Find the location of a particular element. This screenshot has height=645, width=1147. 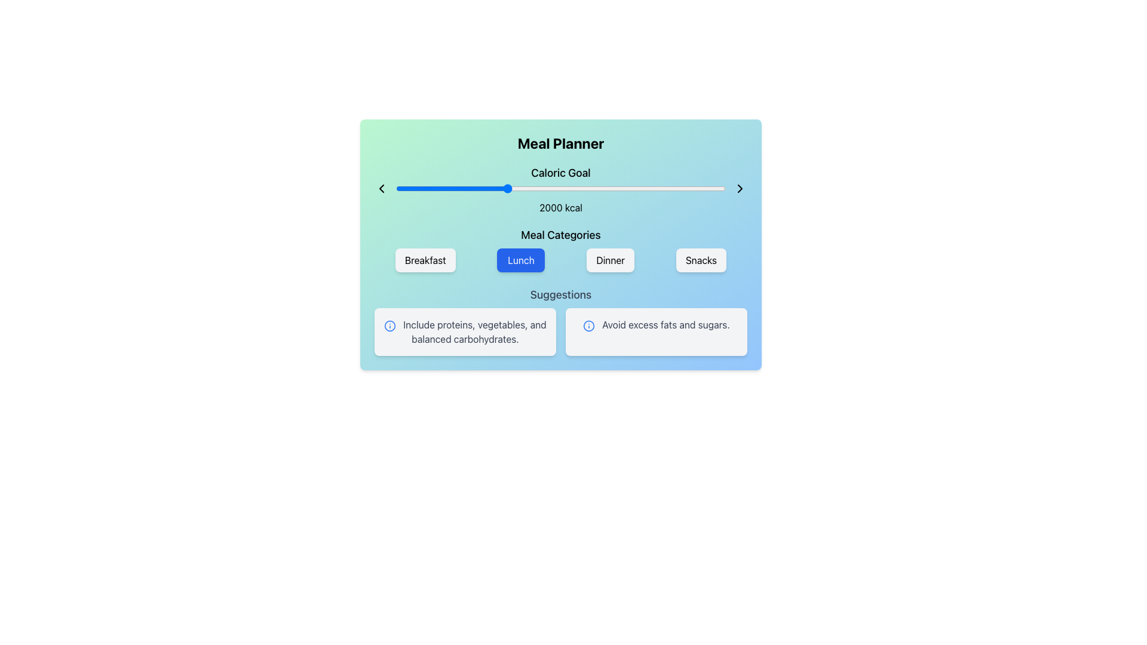

text content from the Text Component with Informative Cards located at the bottom center of the 'Meal Planner' card, which provides guidance and recommendations for food choices is located at coordinates (560, 320).